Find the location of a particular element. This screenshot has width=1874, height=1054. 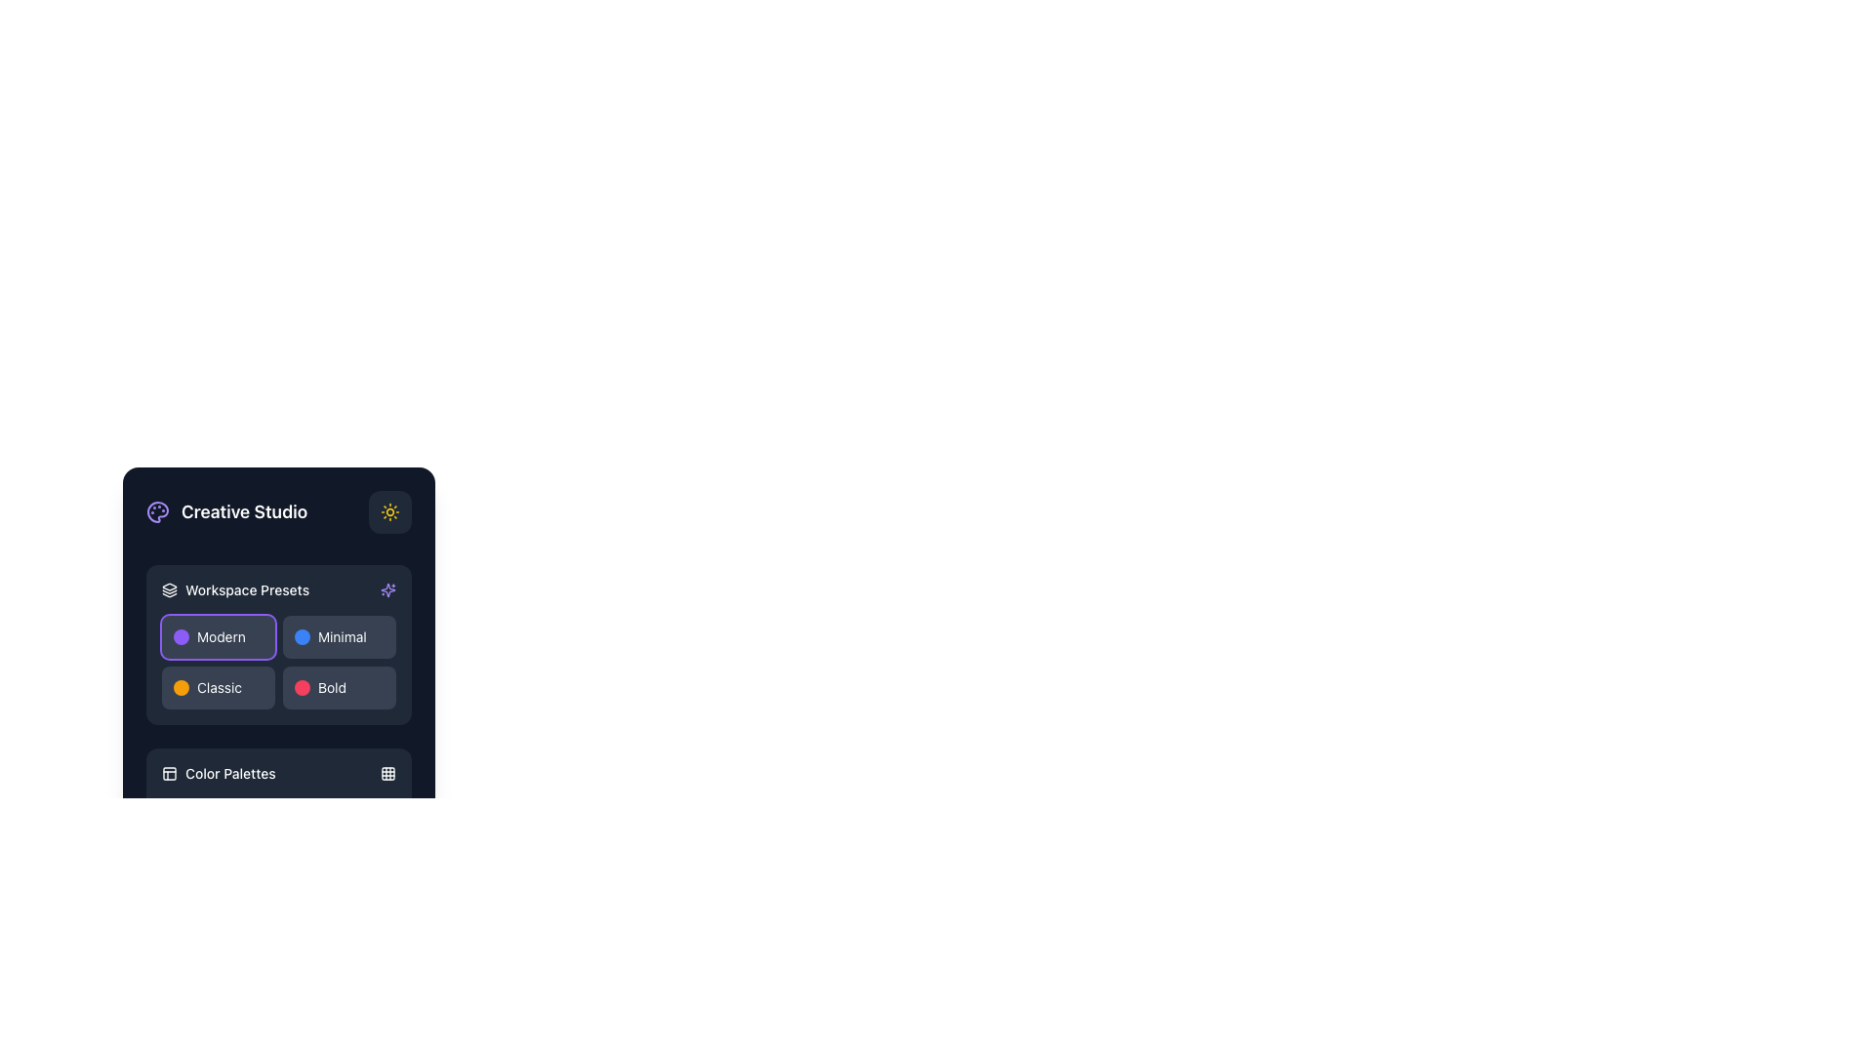

the slider is located at coordinates (166, 1034).